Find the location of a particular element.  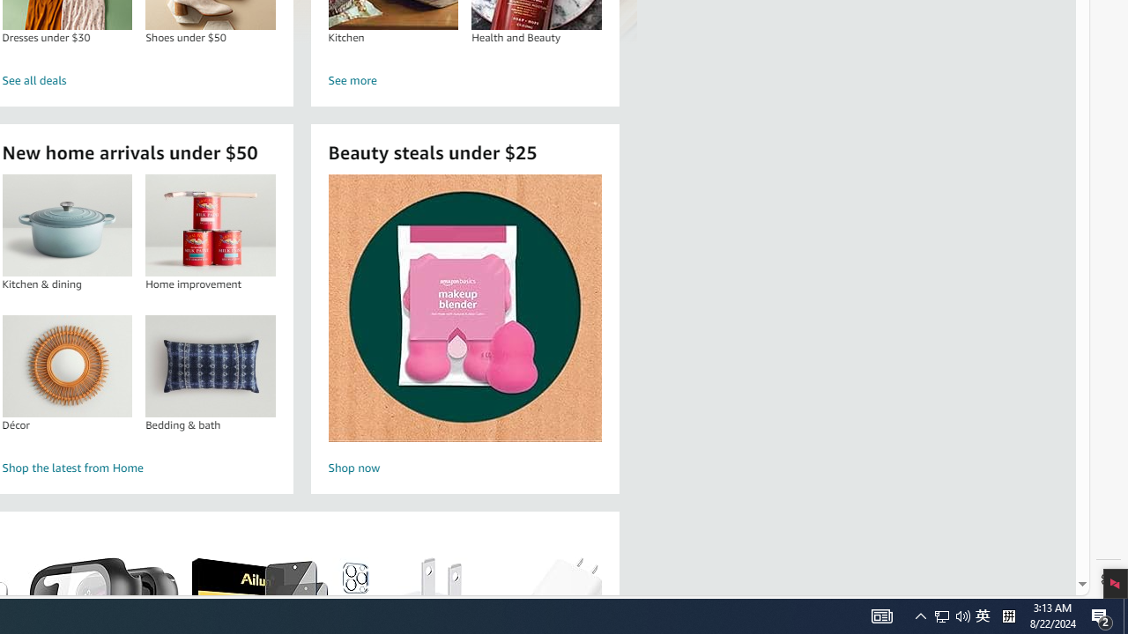

'Home improvement' is located at coordinates (210, 225).